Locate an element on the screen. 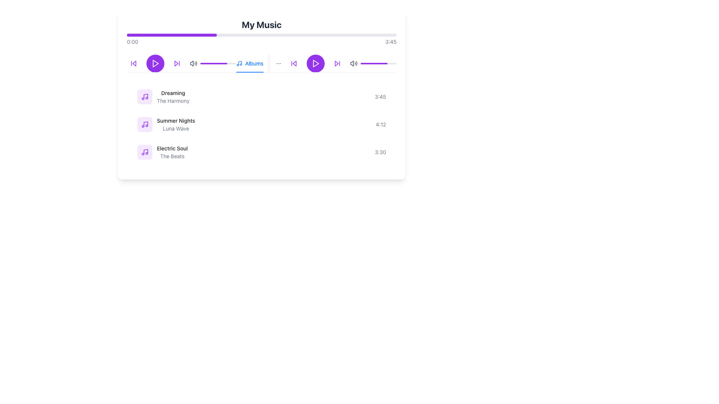 The height and width of the screenshot is (404, 719). the 'more options' button (ellipsis) located at the rightmost side of the navigation bar is located at coordinates (278, 63).